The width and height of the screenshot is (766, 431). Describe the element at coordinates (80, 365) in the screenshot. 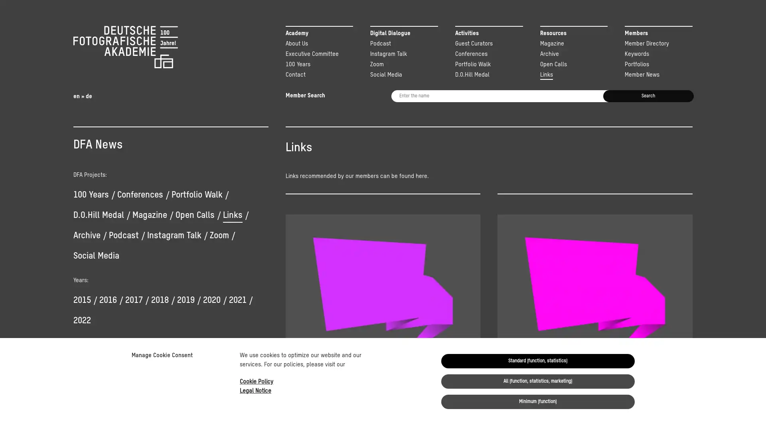

I see `Yes` at that location.